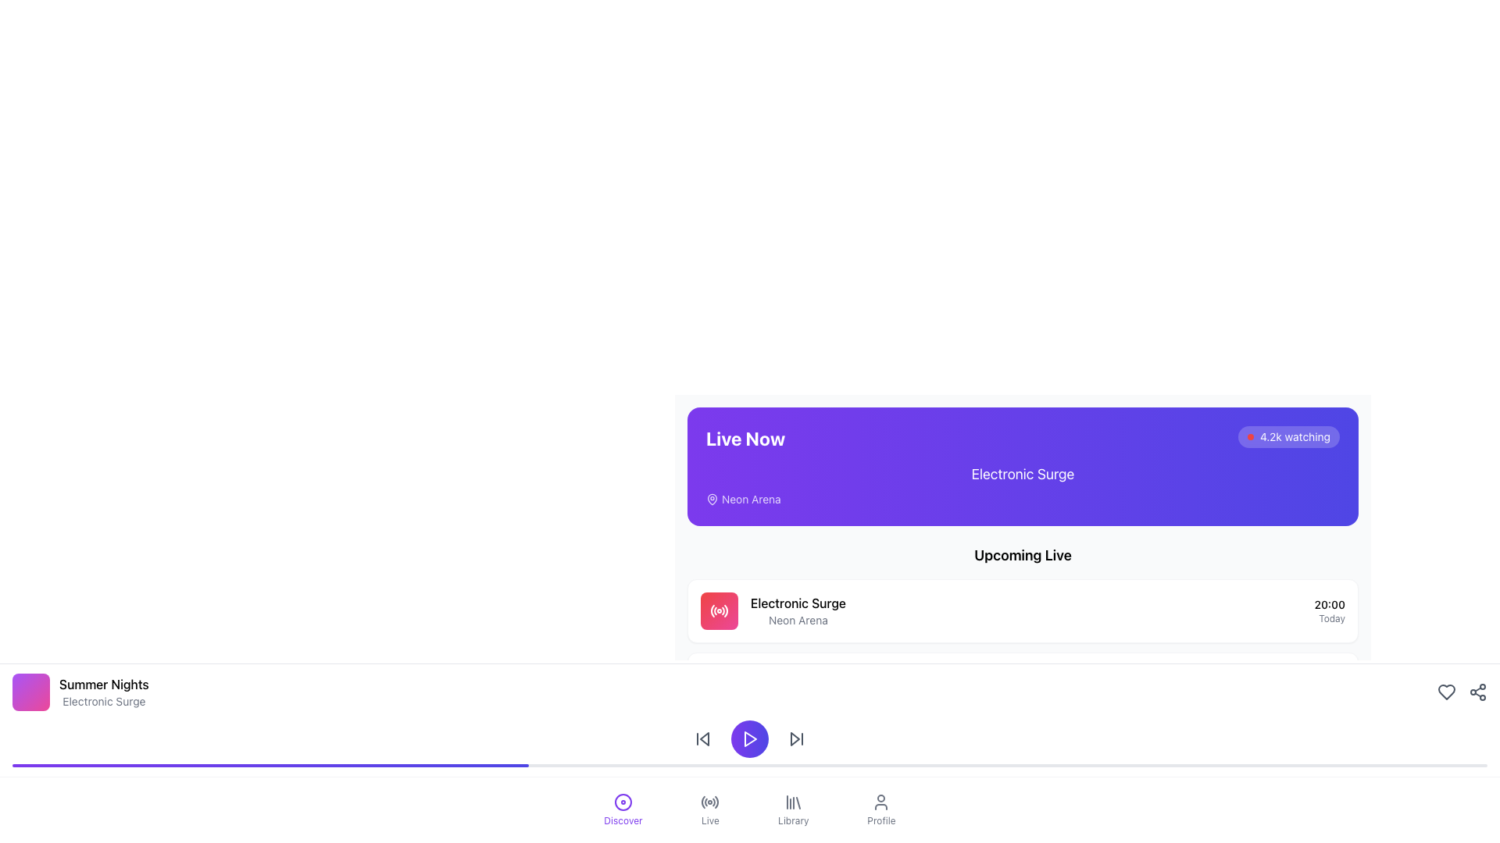  Describe the element at coordinates (1329, 604) in the screenshot. I see `the static text component displaying '20:00', which is styled in a medium font and positioned above the text 'Today' in the bottom-right section of the 'Upcoming Live' area` at that location.